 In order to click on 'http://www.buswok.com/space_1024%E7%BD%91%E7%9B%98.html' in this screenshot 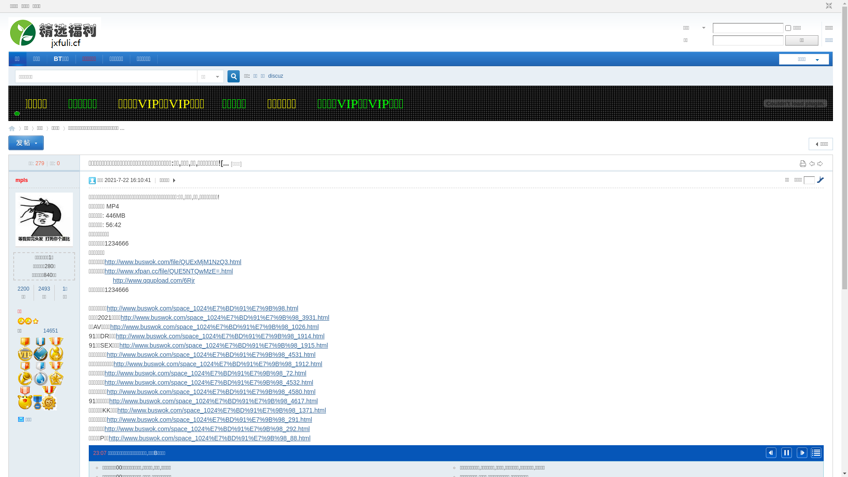, I will do `click(202, 308)`.